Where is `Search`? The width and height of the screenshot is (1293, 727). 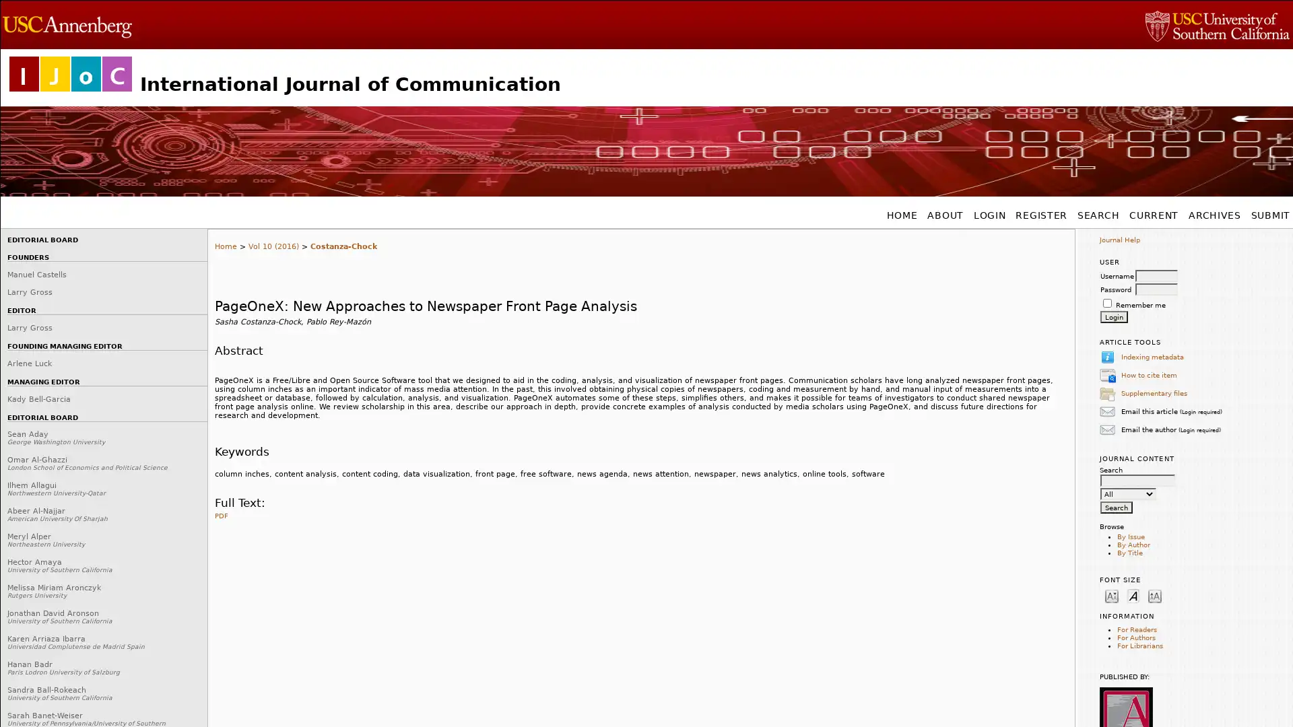 Search is located at coordinates (1116, 507).